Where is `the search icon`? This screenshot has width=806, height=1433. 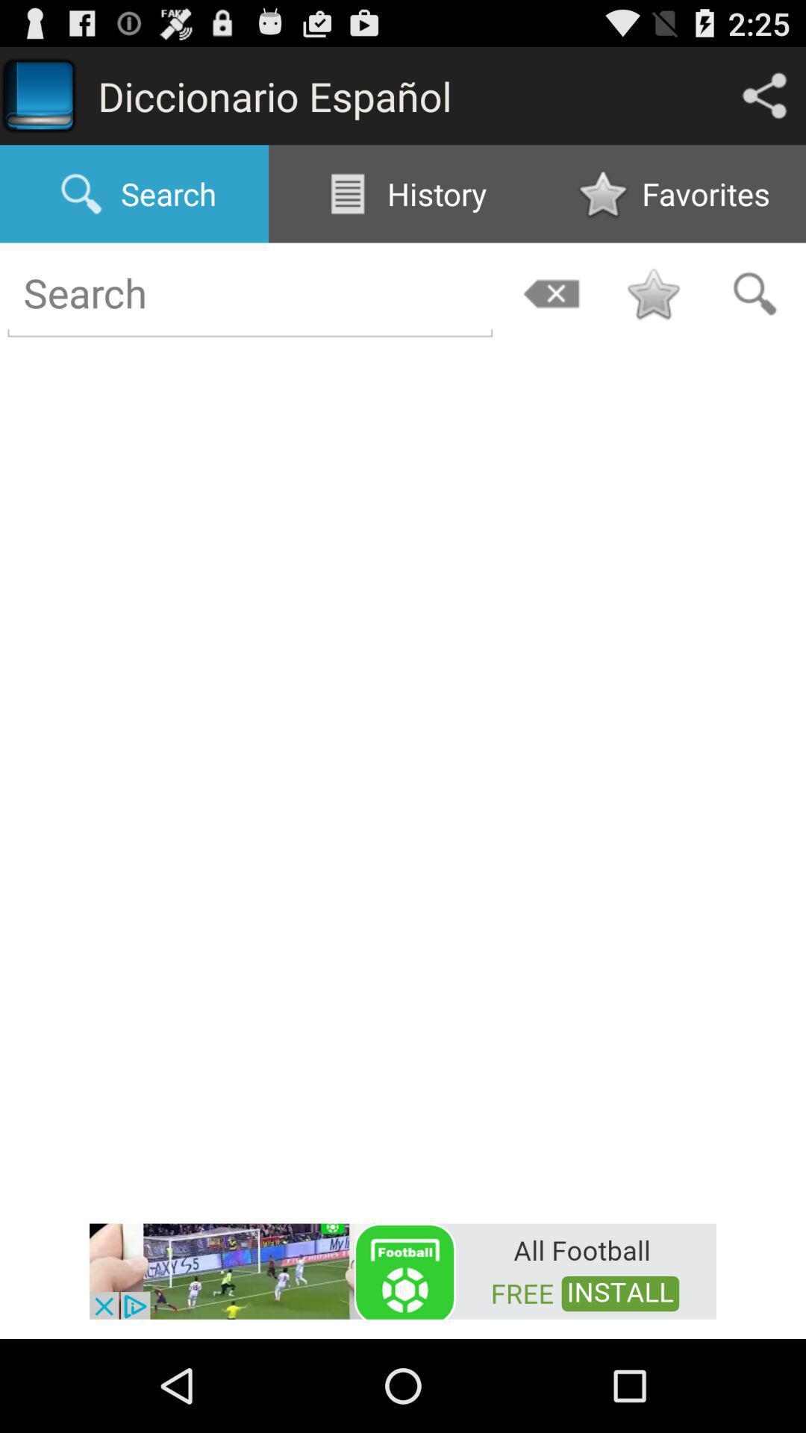
the search icon is located at coordinates (755, 313).